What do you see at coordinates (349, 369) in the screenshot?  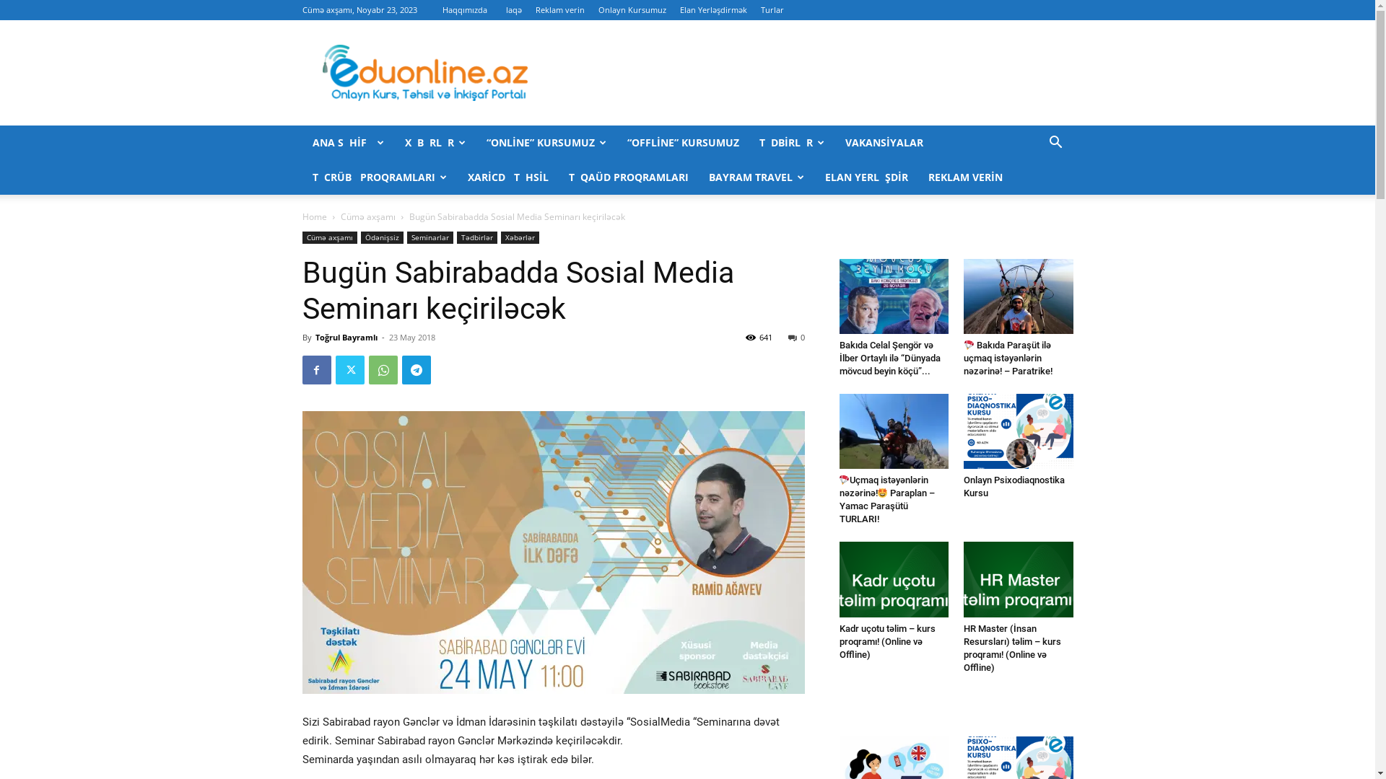 I see `'Twitter'` at bounding box center [349, 369].